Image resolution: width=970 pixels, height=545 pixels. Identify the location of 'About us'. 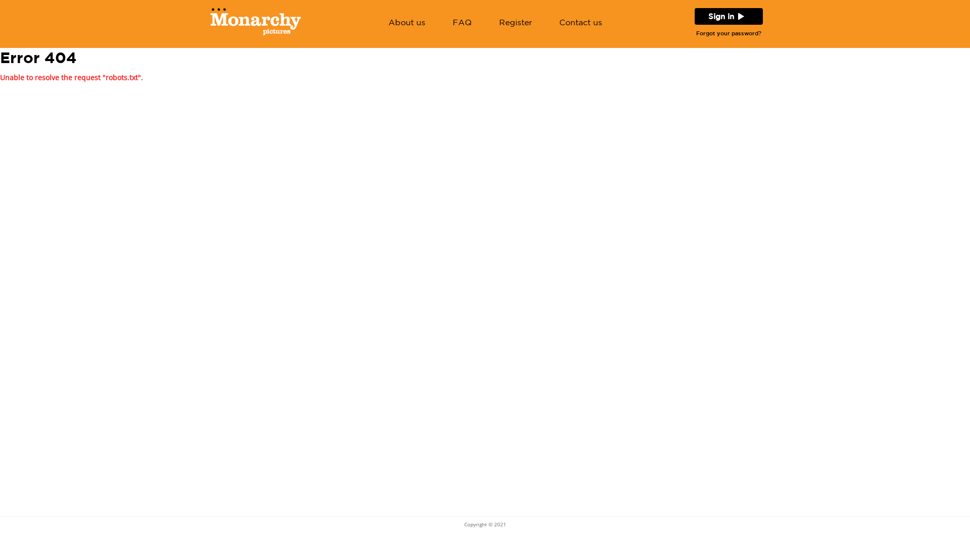
(387, 23).